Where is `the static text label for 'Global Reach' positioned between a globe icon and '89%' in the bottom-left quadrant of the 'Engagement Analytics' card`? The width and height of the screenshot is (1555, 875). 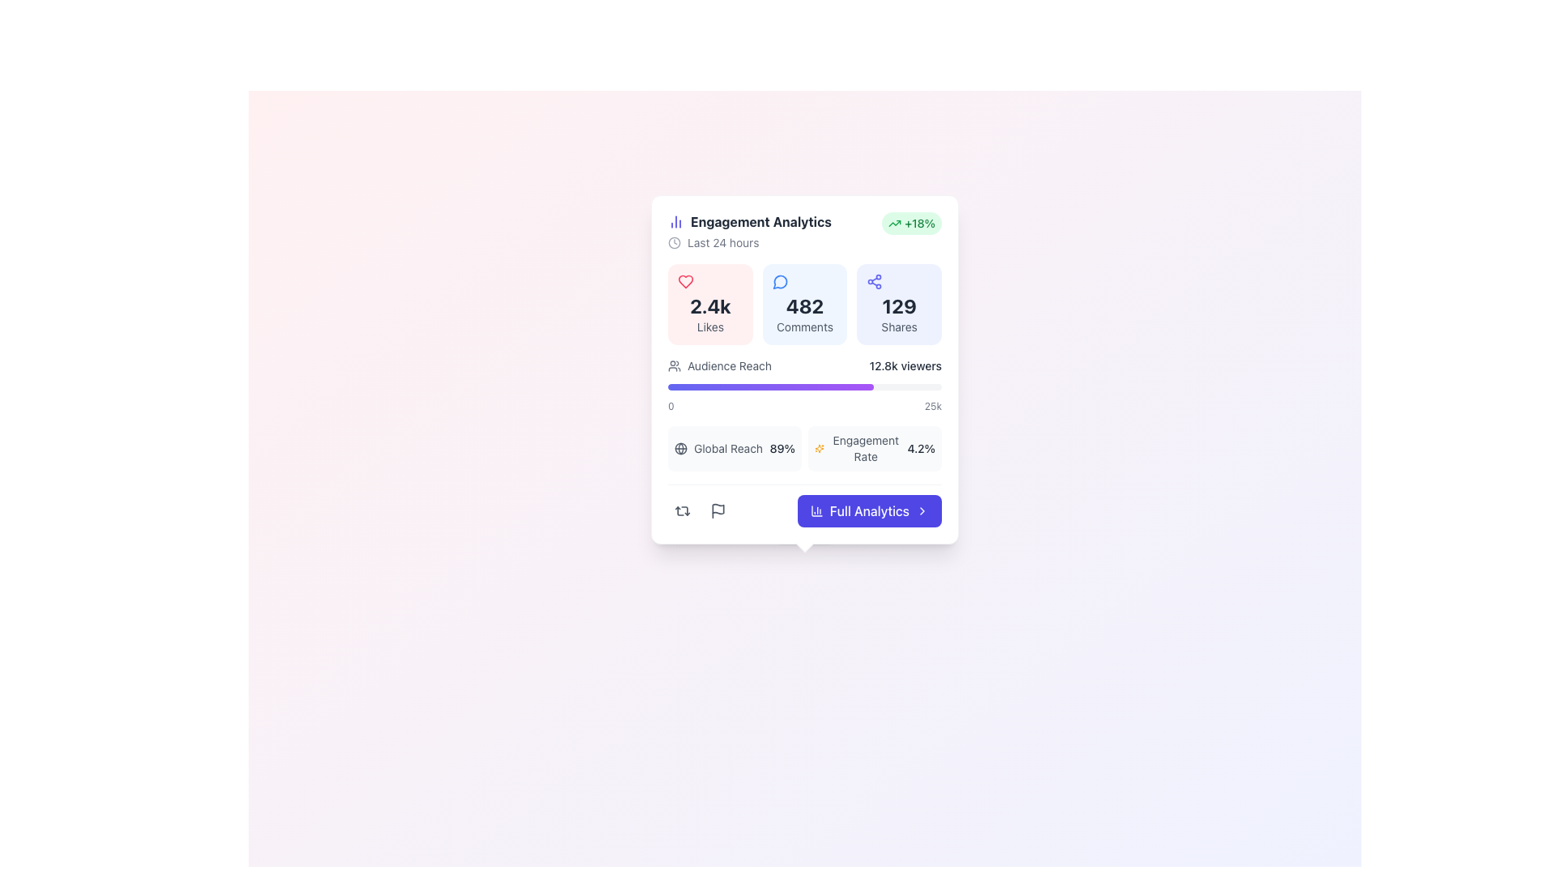 the static text label for 'Global Reach' positioned between a globe icon and '89%' in the bottom-left quadrant of the 'Engagement Analytics' card is located at coordinates (727, 449).